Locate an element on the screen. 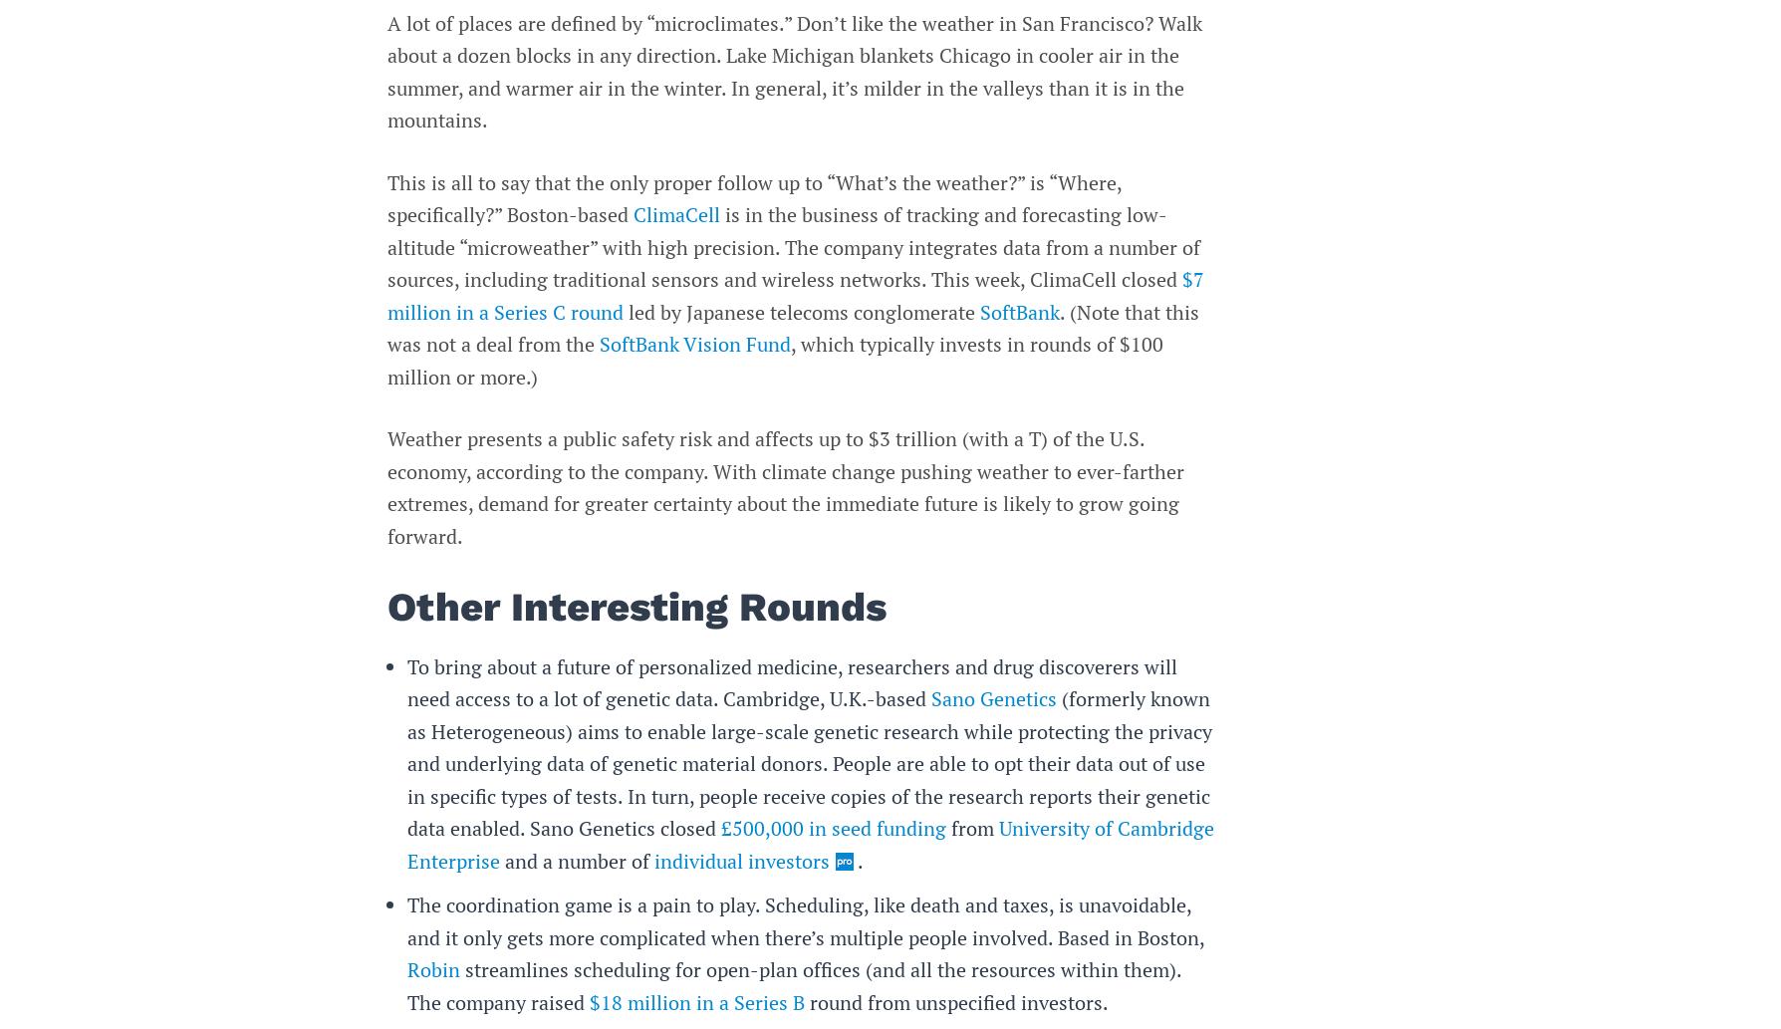 The image size is (1781, 1029). 'Other Interesting Rounds' is located at coordinates (636, 606).